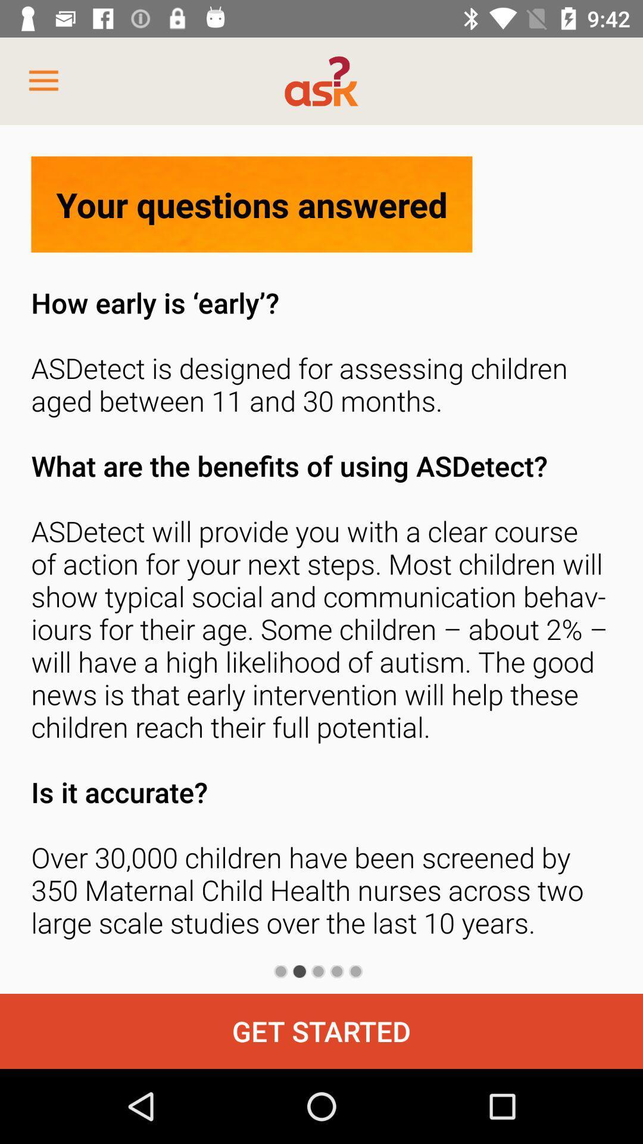  What do you see at coordinates (321, 1031) in the screenshot?
I see `the get started icon` at bounding box center [321, 1031].